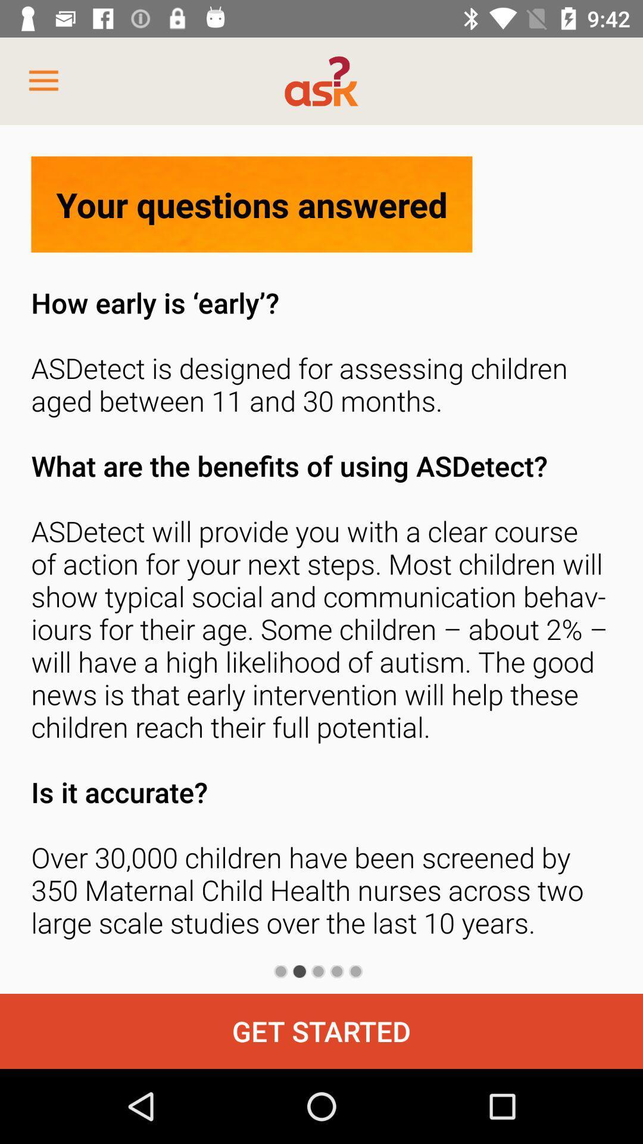  What do you see at coordinates (321, 1031) in the screenshot?
I see `the get started icon` at bounding box center [321, 1031].